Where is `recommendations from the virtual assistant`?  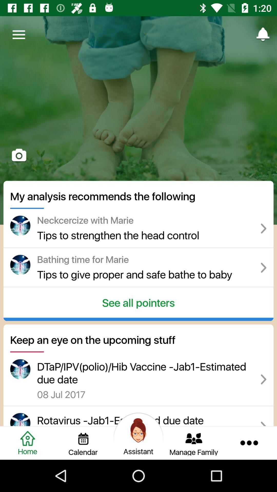
recommendations from the virtual assistant is located at coordinates (138, 443).